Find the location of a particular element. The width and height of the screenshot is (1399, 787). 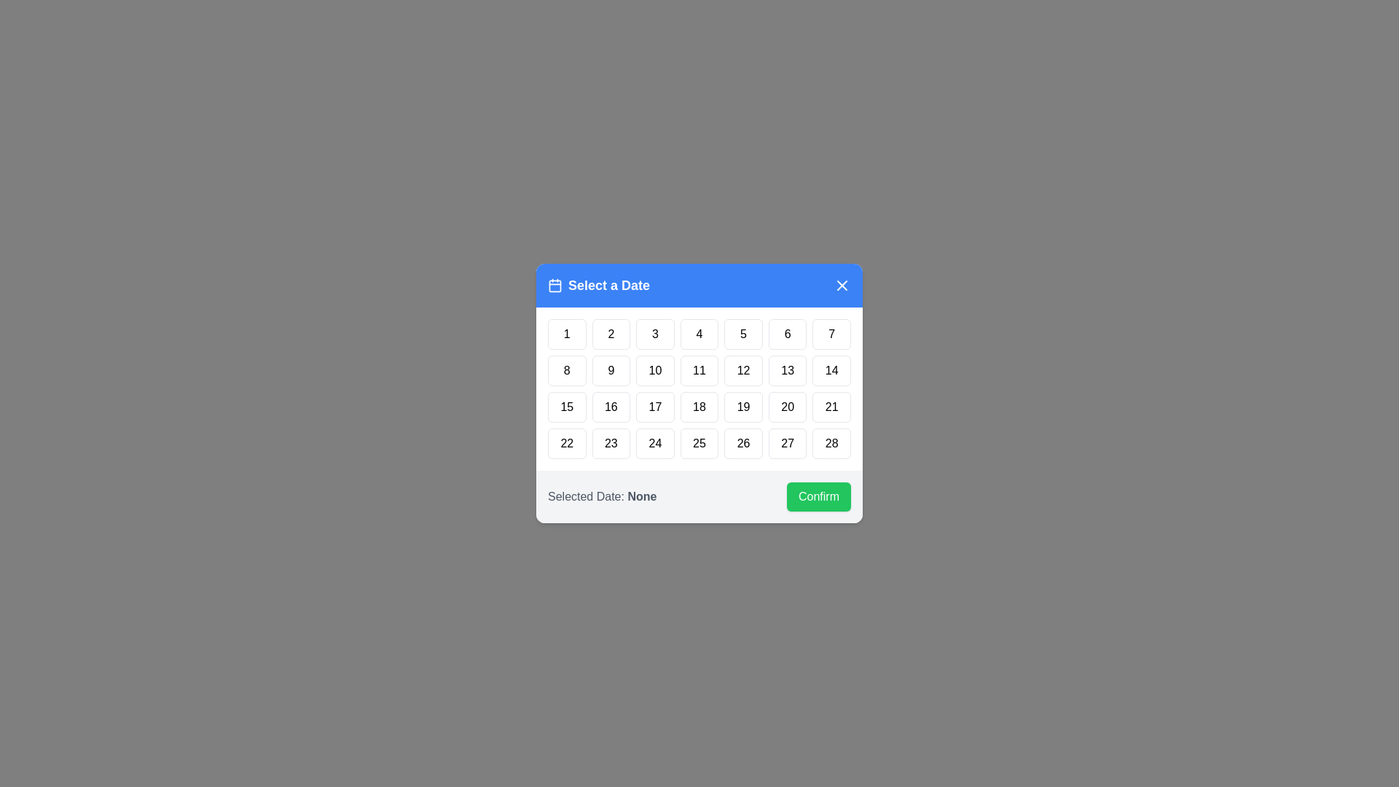

the button representing the day 1 to select that date is located at coordinates (565, 334).